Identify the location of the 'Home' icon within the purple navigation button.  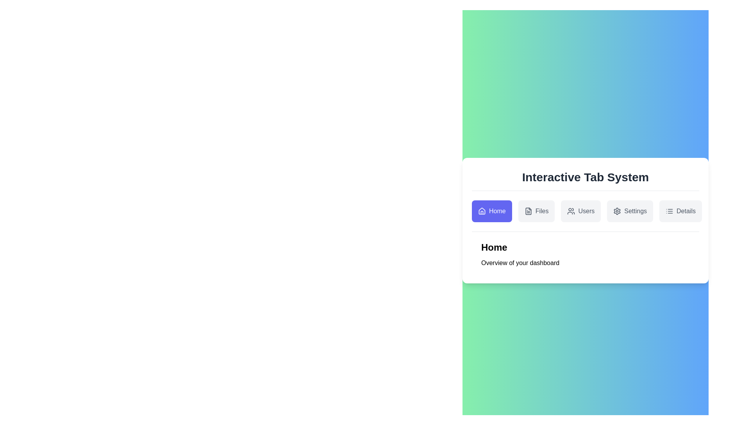
(481, 211).